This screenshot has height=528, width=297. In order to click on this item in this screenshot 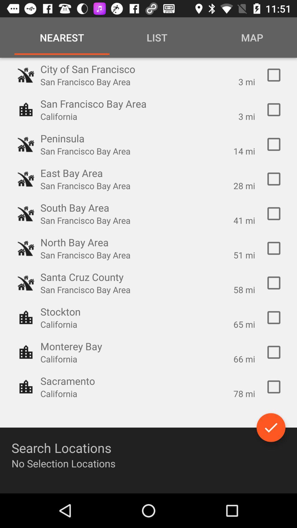, I will do `click(274, 144)`.